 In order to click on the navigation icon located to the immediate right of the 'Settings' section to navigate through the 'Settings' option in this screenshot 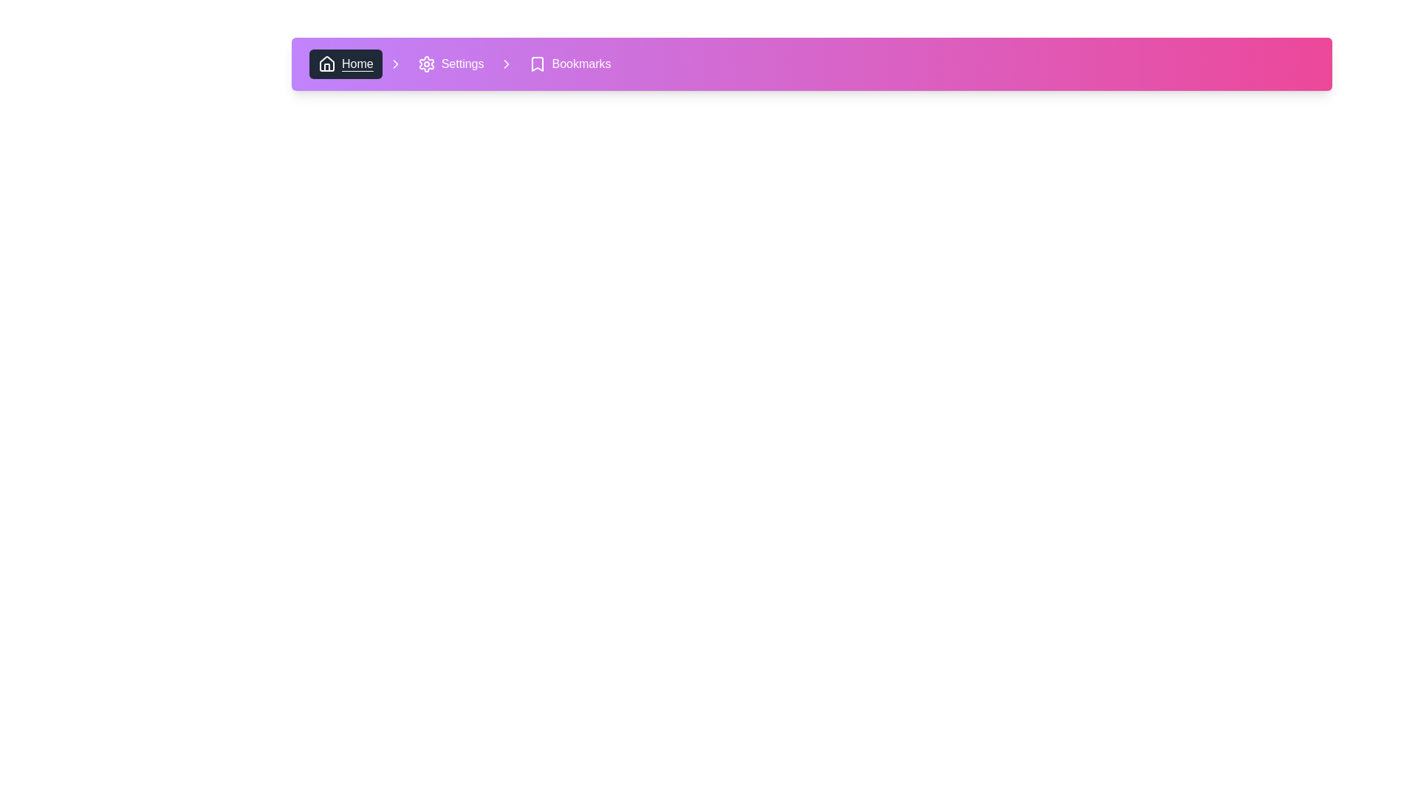, I will do `click(506, 64)`.